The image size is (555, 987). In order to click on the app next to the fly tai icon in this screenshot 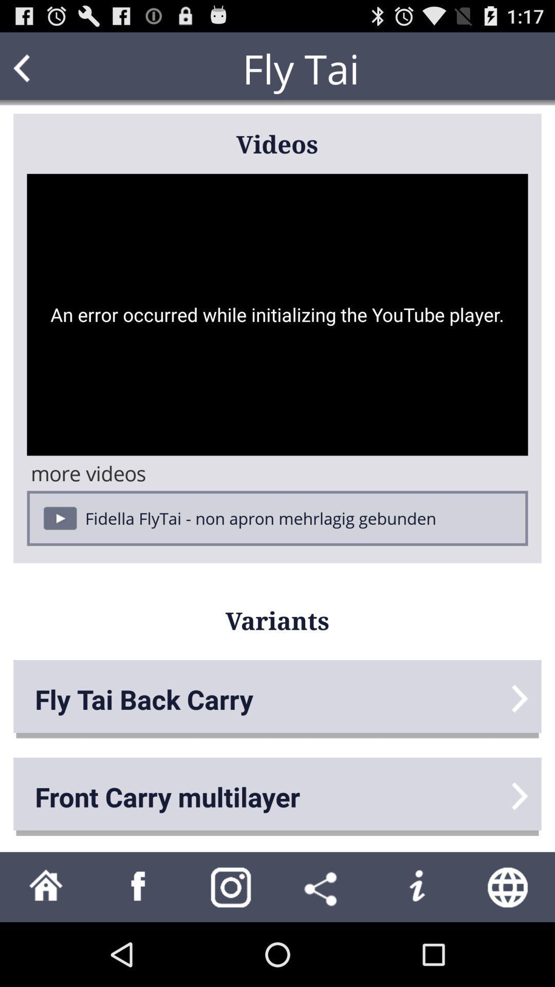, I will do `click(41, 68)`.